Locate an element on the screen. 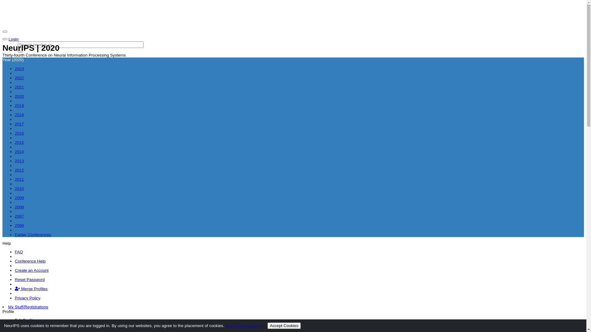  'Privacy Policy' is located at coordinates (27, 298).